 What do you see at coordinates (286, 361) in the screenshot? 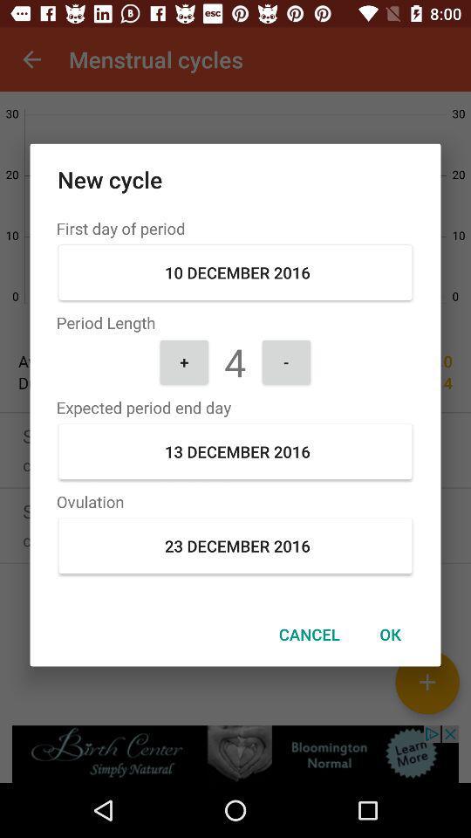
I see `icon above the expected period end item` at bounding box center [286, 361].